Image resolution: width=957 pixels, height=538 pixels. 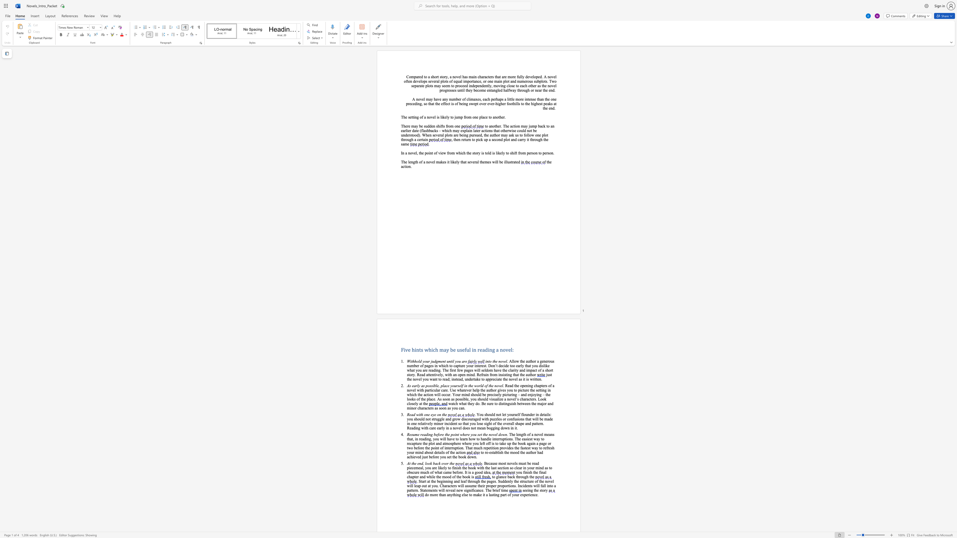 What do you see at coordinates (533, 485) in the screenshot?
I see `the subset text "will fall into a pattern. Statements will reveal new significance. The" within the text ". Start at the beginning and leaf through the pages. Suddenly the structure of the novel will leap out at you. Characters will assume their proper proportions. Incidents will fall into a pattern. Statements will reveal new significance. The brief time"` at bounding box center [533, 485].